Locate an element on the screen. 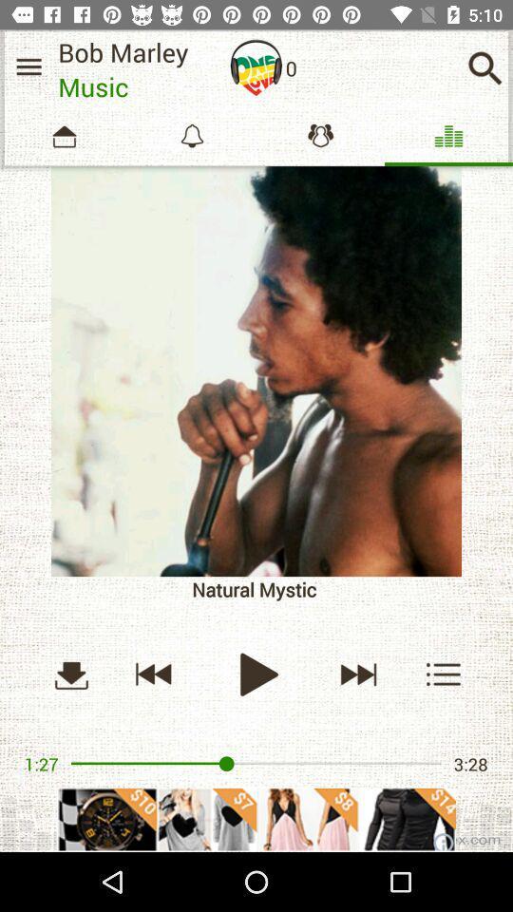  button is located at coordinates (256, 674).